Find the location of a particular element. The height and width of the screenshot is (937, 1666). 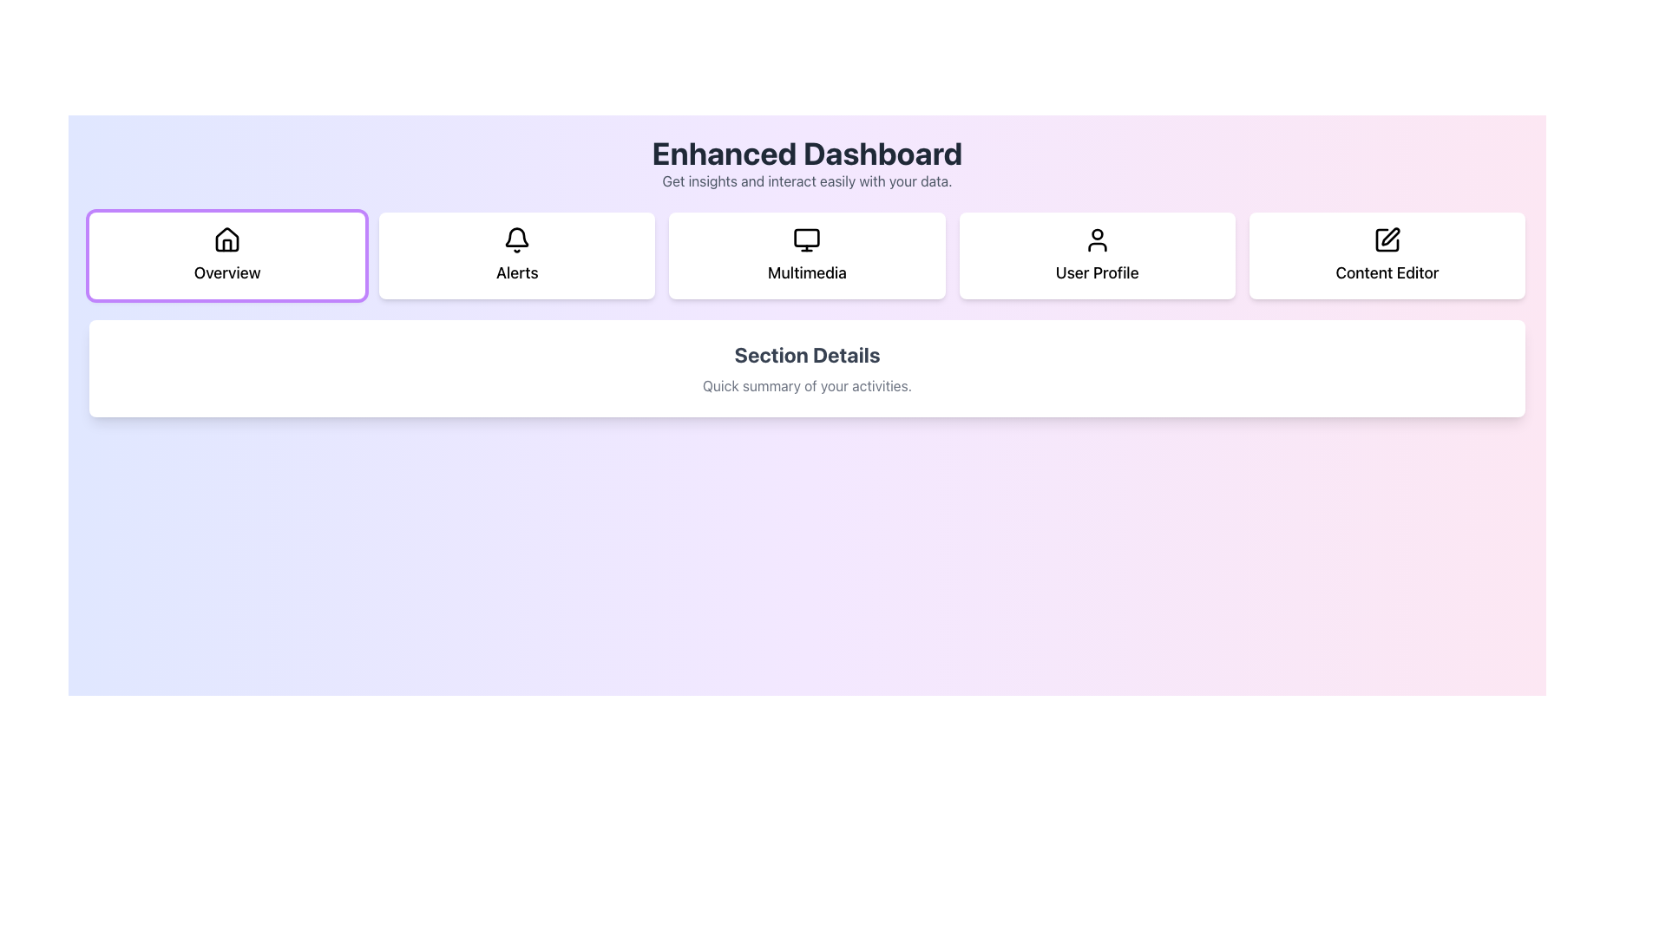

the descriptive text reading 'Get insights and interact easily with your data.' which is centrally aligned below the 'Enhanced Dashboard' title is located at coordinates (806, 180).